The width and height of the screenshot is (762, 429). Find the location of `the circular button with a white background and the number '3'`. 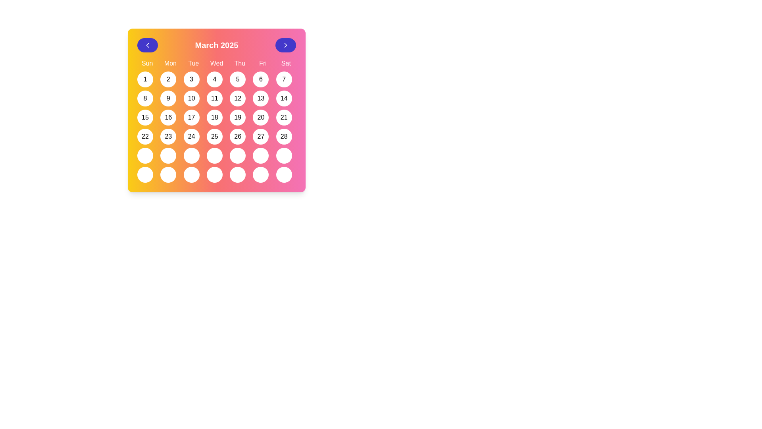

the circular button with a white background and the number '3' is located at coordinates (191, 79).